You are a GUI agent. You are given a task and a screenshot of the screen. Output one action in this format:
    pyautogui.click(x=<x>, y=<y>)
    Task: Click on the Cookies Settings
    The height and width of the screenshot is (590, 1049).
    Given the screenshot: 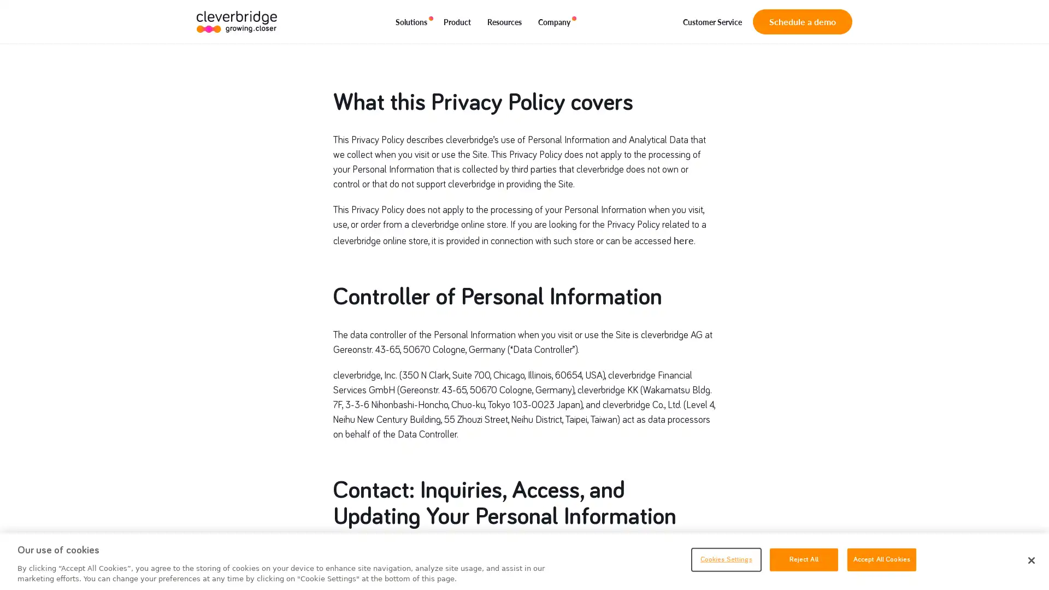 What is the action you would take?
    pyautogui.click(x=726, y=559)
    